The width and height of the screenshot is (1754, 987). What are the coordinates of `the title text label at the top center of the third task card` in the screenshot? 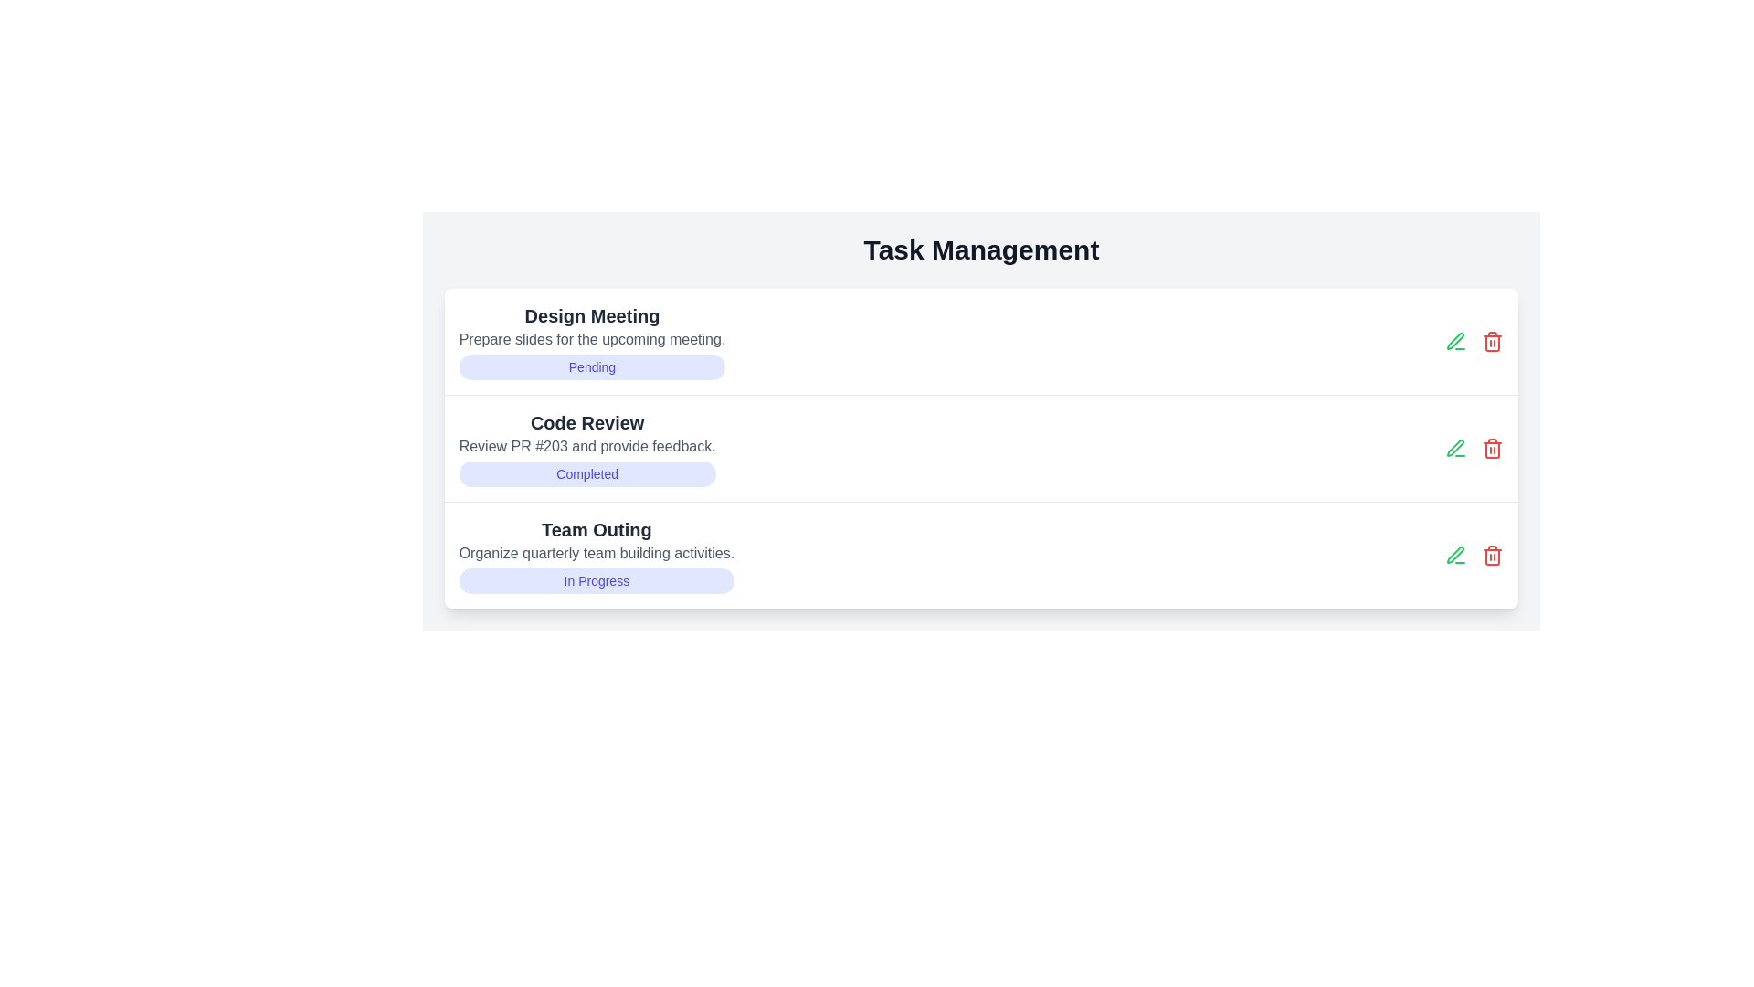 It's located at (597, 529).